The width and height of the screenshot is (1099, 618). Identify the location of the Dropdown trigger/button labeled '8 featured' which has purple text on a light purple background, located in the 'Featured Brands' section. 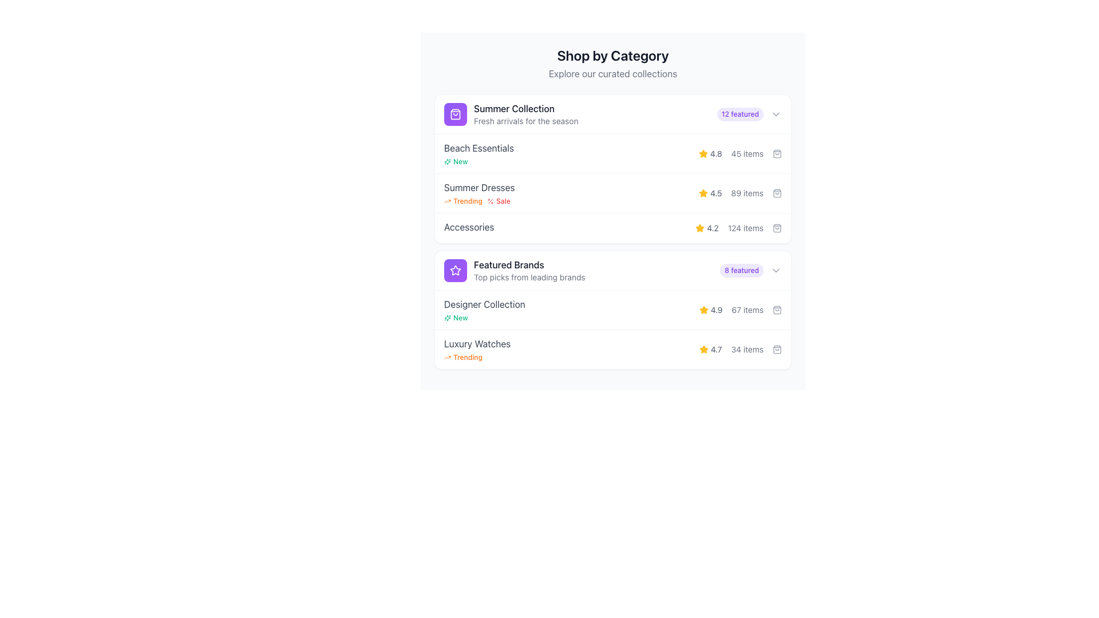
(750, 271).